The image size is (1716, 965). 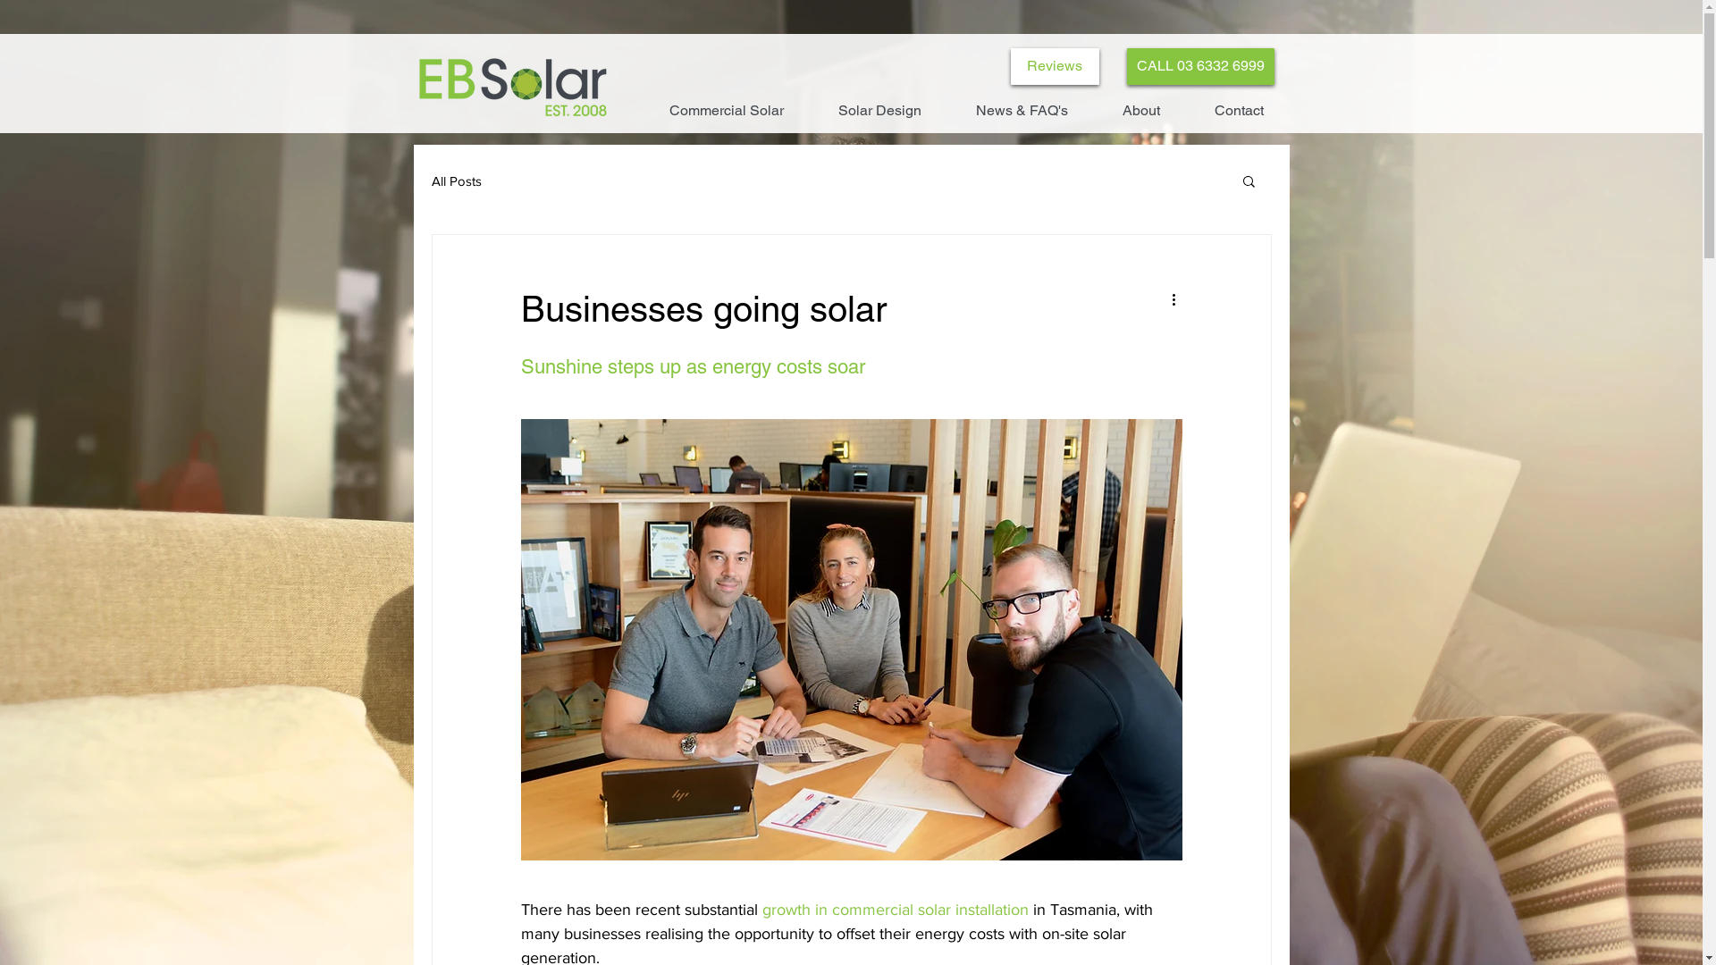 What do you see at coordinates (1140, 110) in the screenshot?
I see `'About'` at bounding box center [1140, 110].